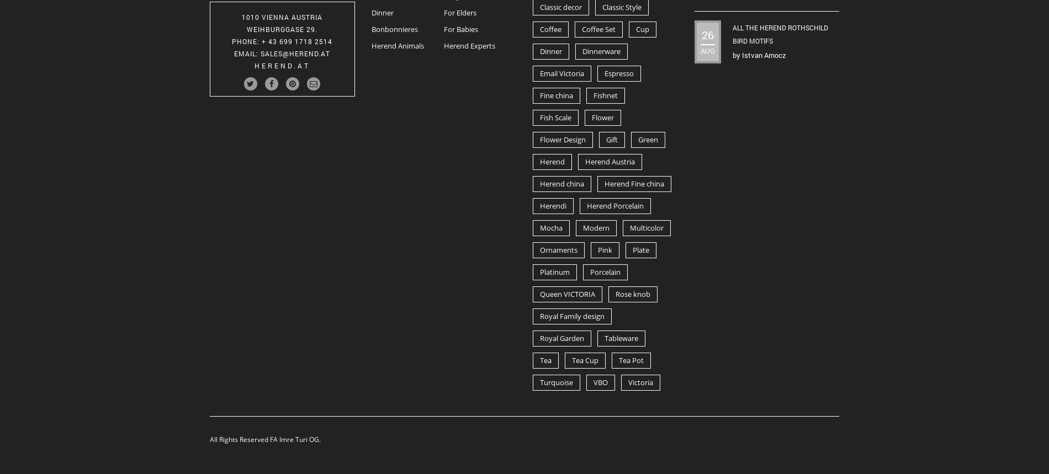 The height and width of the screenshot is (474, 1049). Describe the element at coordinates (556, 382) in the screenshot. I see `'Turquoise'` at that location.